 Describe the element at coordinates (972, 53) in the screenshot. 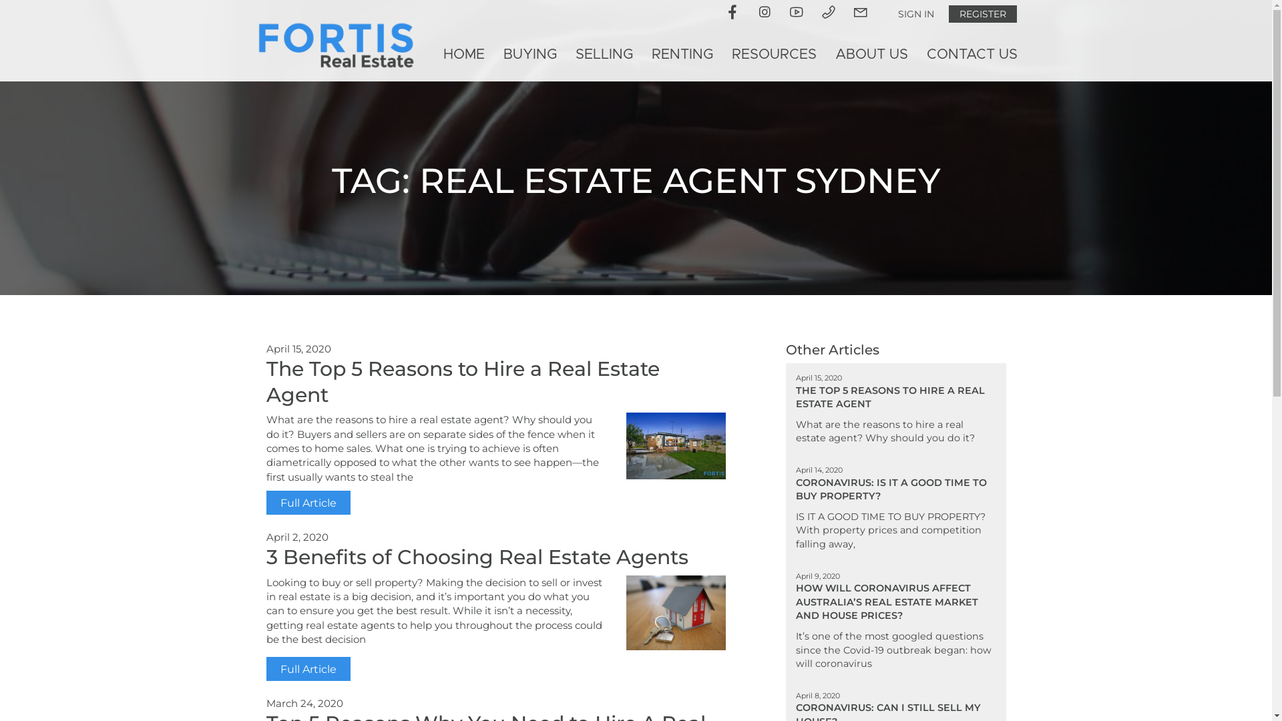

I see `'CONTACT US'` at that location.